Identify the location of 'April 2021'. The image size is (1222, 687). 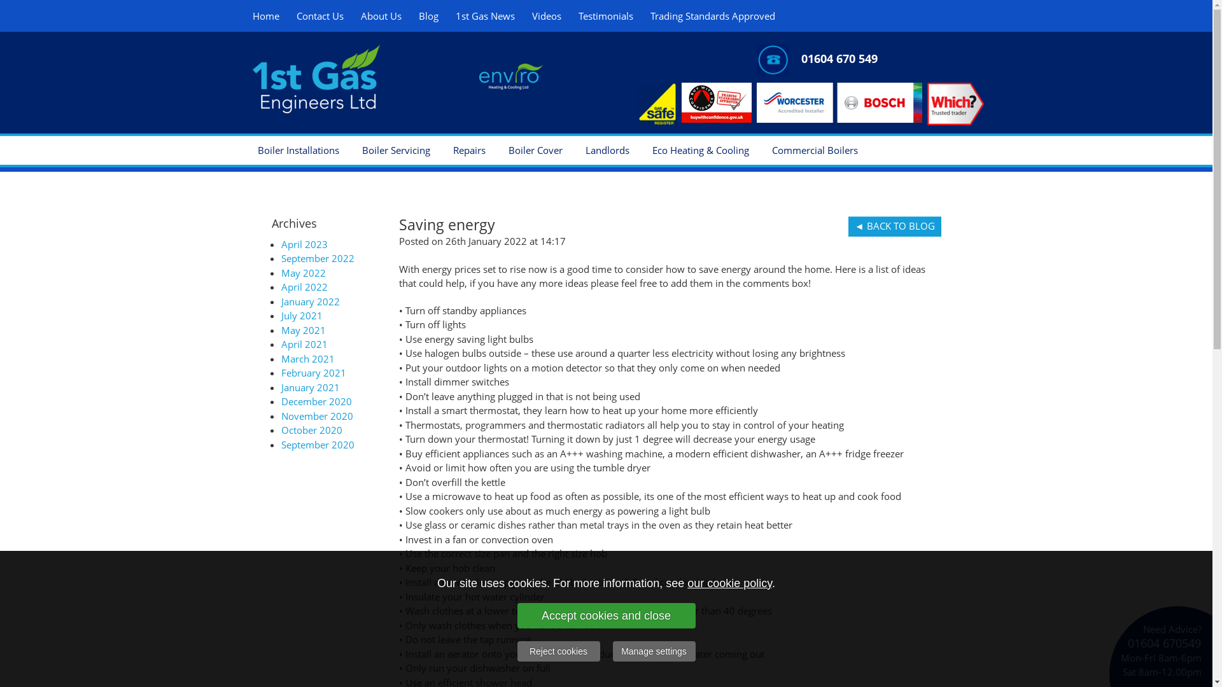
(304, 343).